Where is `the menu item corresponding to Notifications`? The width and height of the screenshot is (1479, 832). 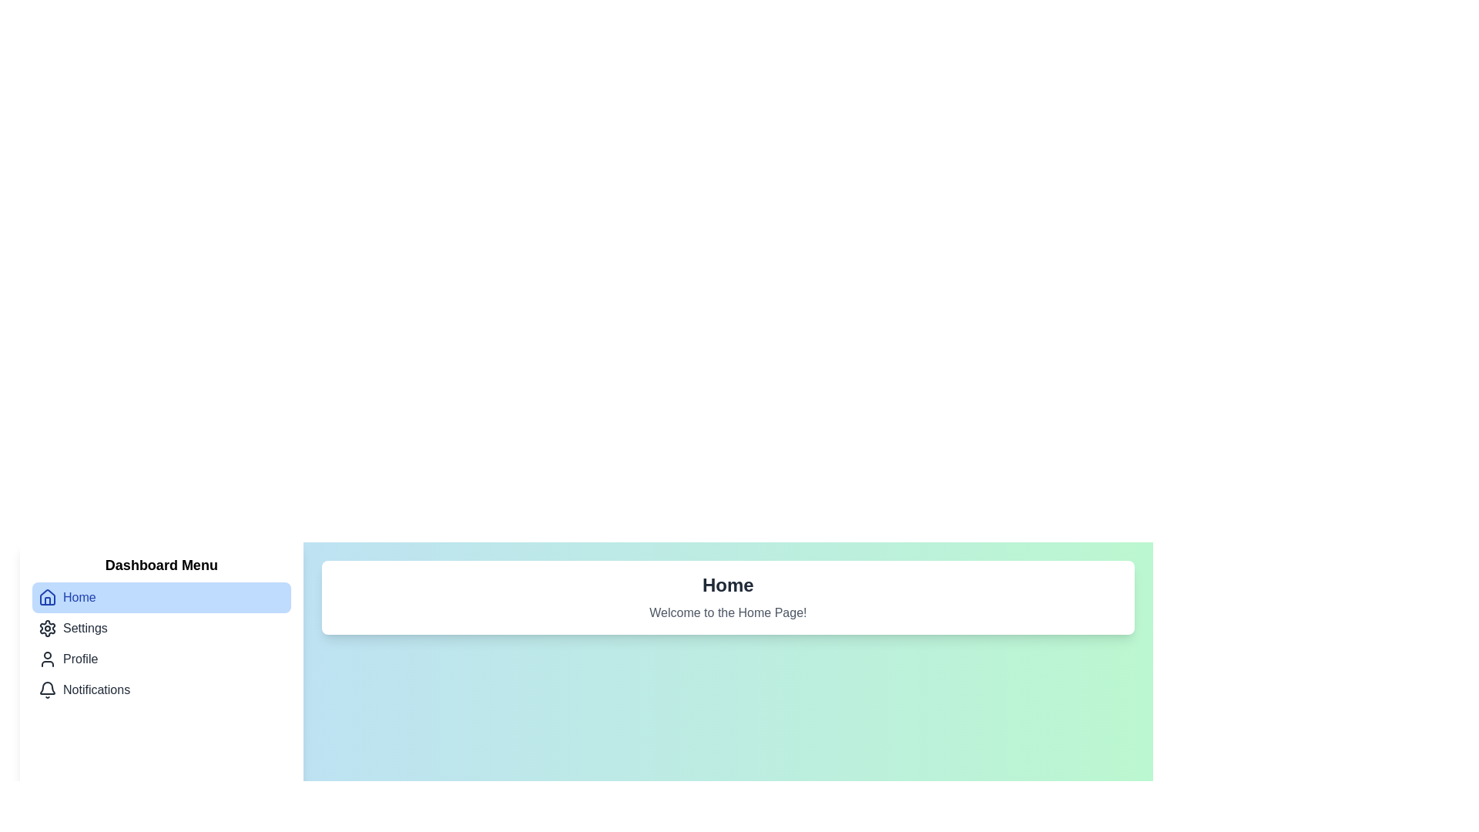 the menu item corresponding to Notifications is located at coordinates (161, 689).